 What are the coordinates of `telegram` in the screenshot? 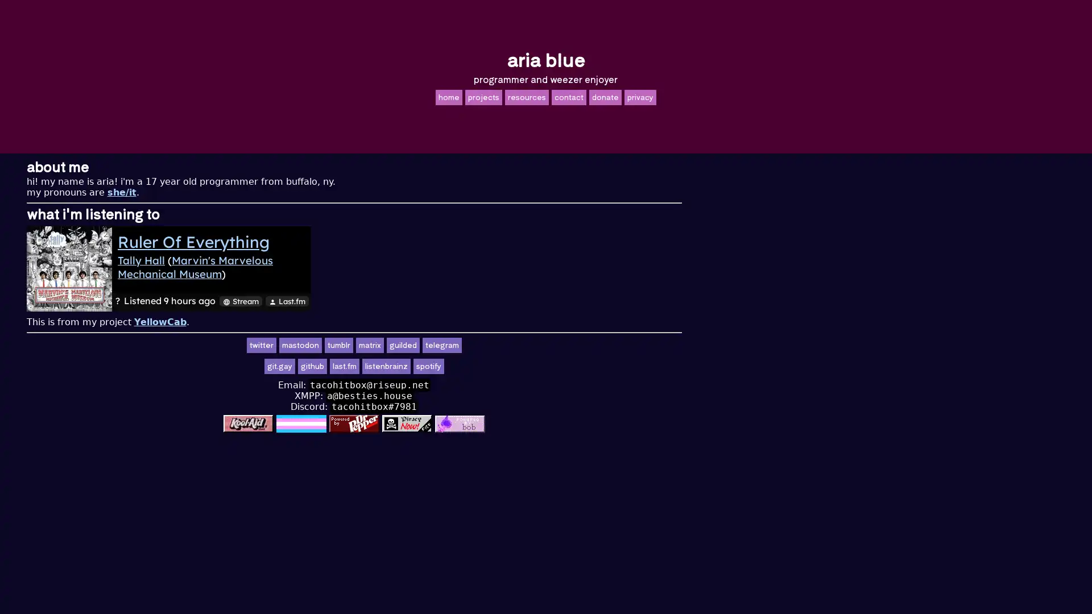 It's located at (633, 345).